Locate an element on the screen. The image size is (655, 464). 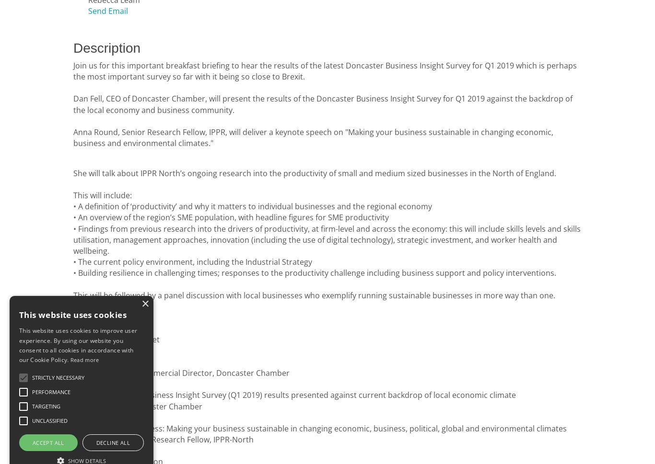
'indings from previous research into the drivers of productivity, at firm-level and across the economy: this will include skills levels and skills utilisation, management approaches, innovation (including the use of digital technology), strategic investment, and worker health and wellbeing.' is located at coordinates (327, 239).